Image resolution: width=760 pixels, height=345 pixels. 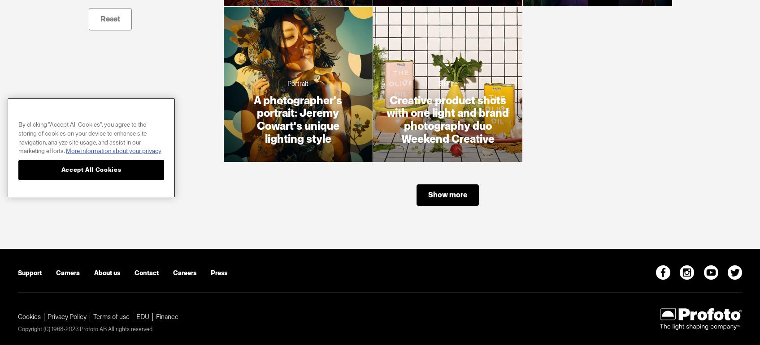 What do you see at coordinates (111, 316) in the screenshot?
I see `'Terms of use'` at bounding box center [111, 316].